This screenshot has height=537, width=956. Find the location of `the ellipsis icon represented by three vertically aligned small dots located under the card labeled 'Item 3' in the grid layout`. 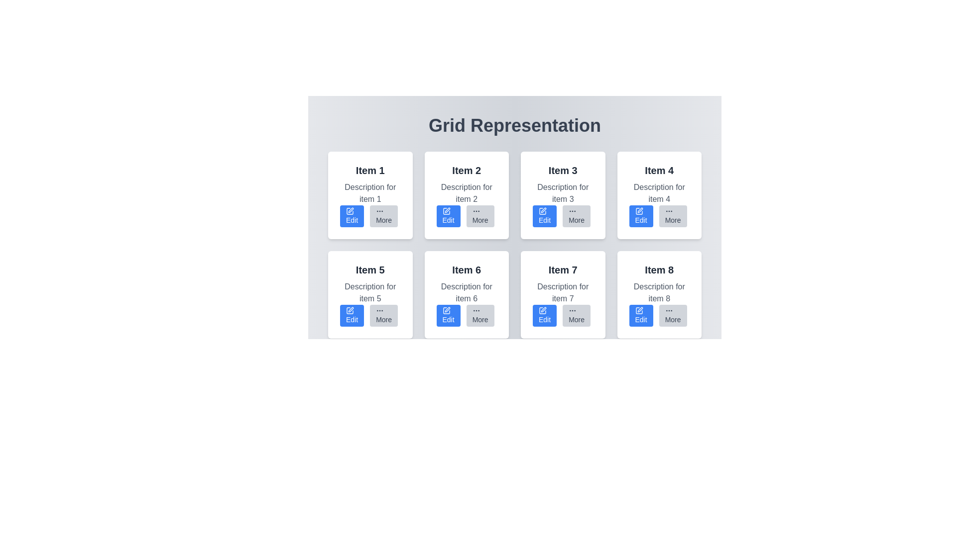

the ellipsis icon represented by three vertically aligned small dots located under the card labeled 'Item 3' in the grid layout is located at coordinates (573, 210).